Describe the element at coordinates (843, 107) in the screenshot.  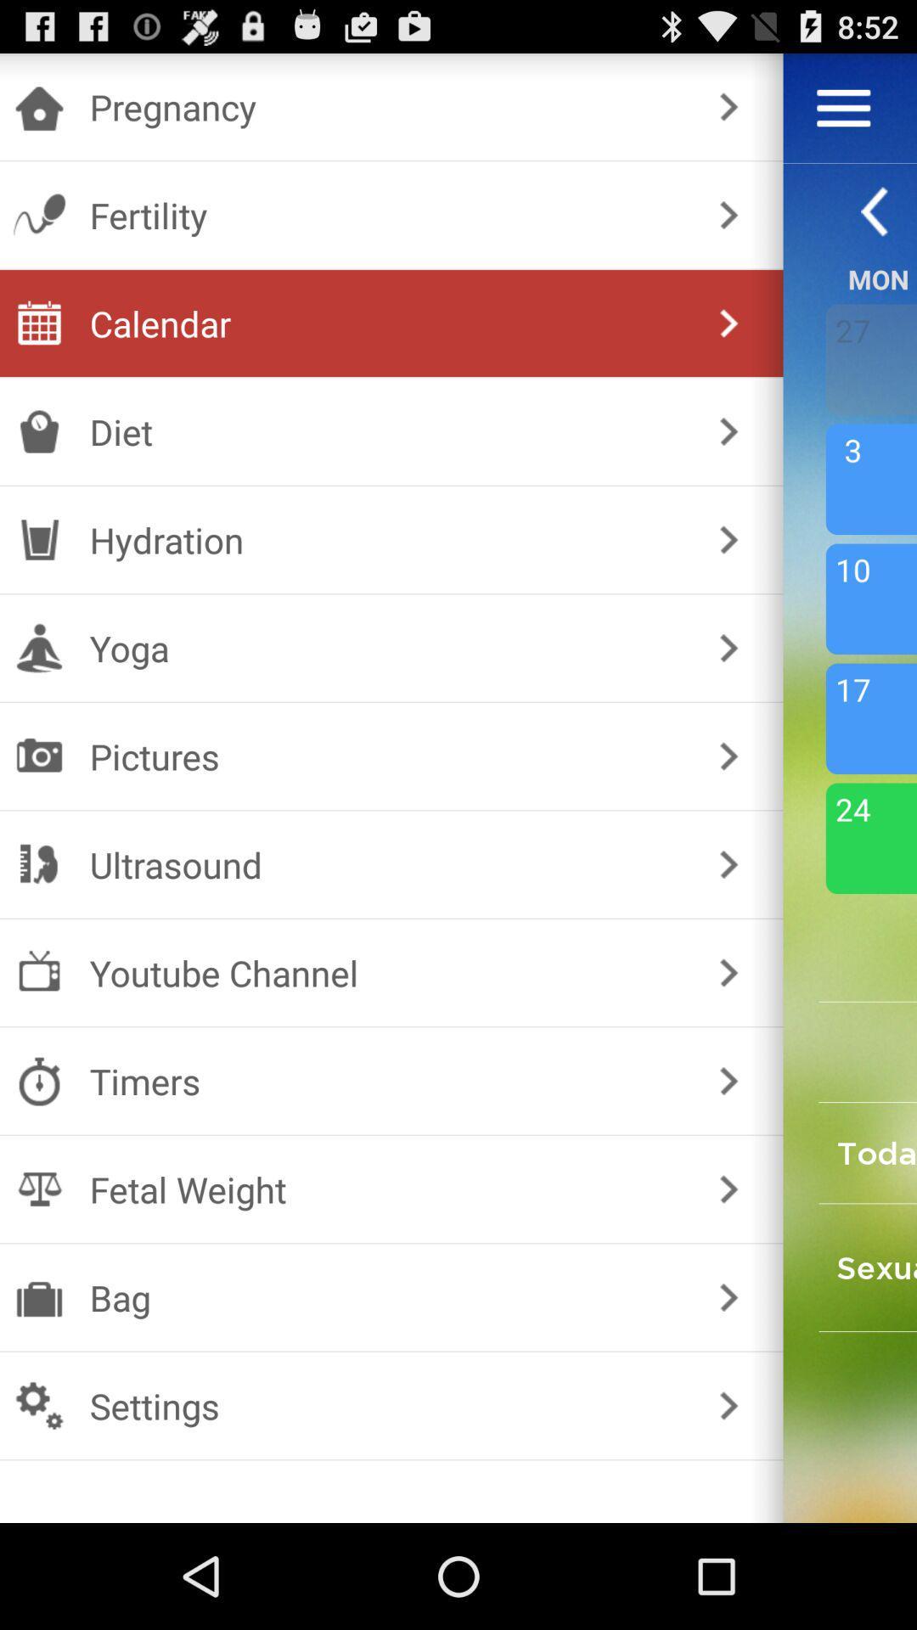
I see `open menu` at that location.